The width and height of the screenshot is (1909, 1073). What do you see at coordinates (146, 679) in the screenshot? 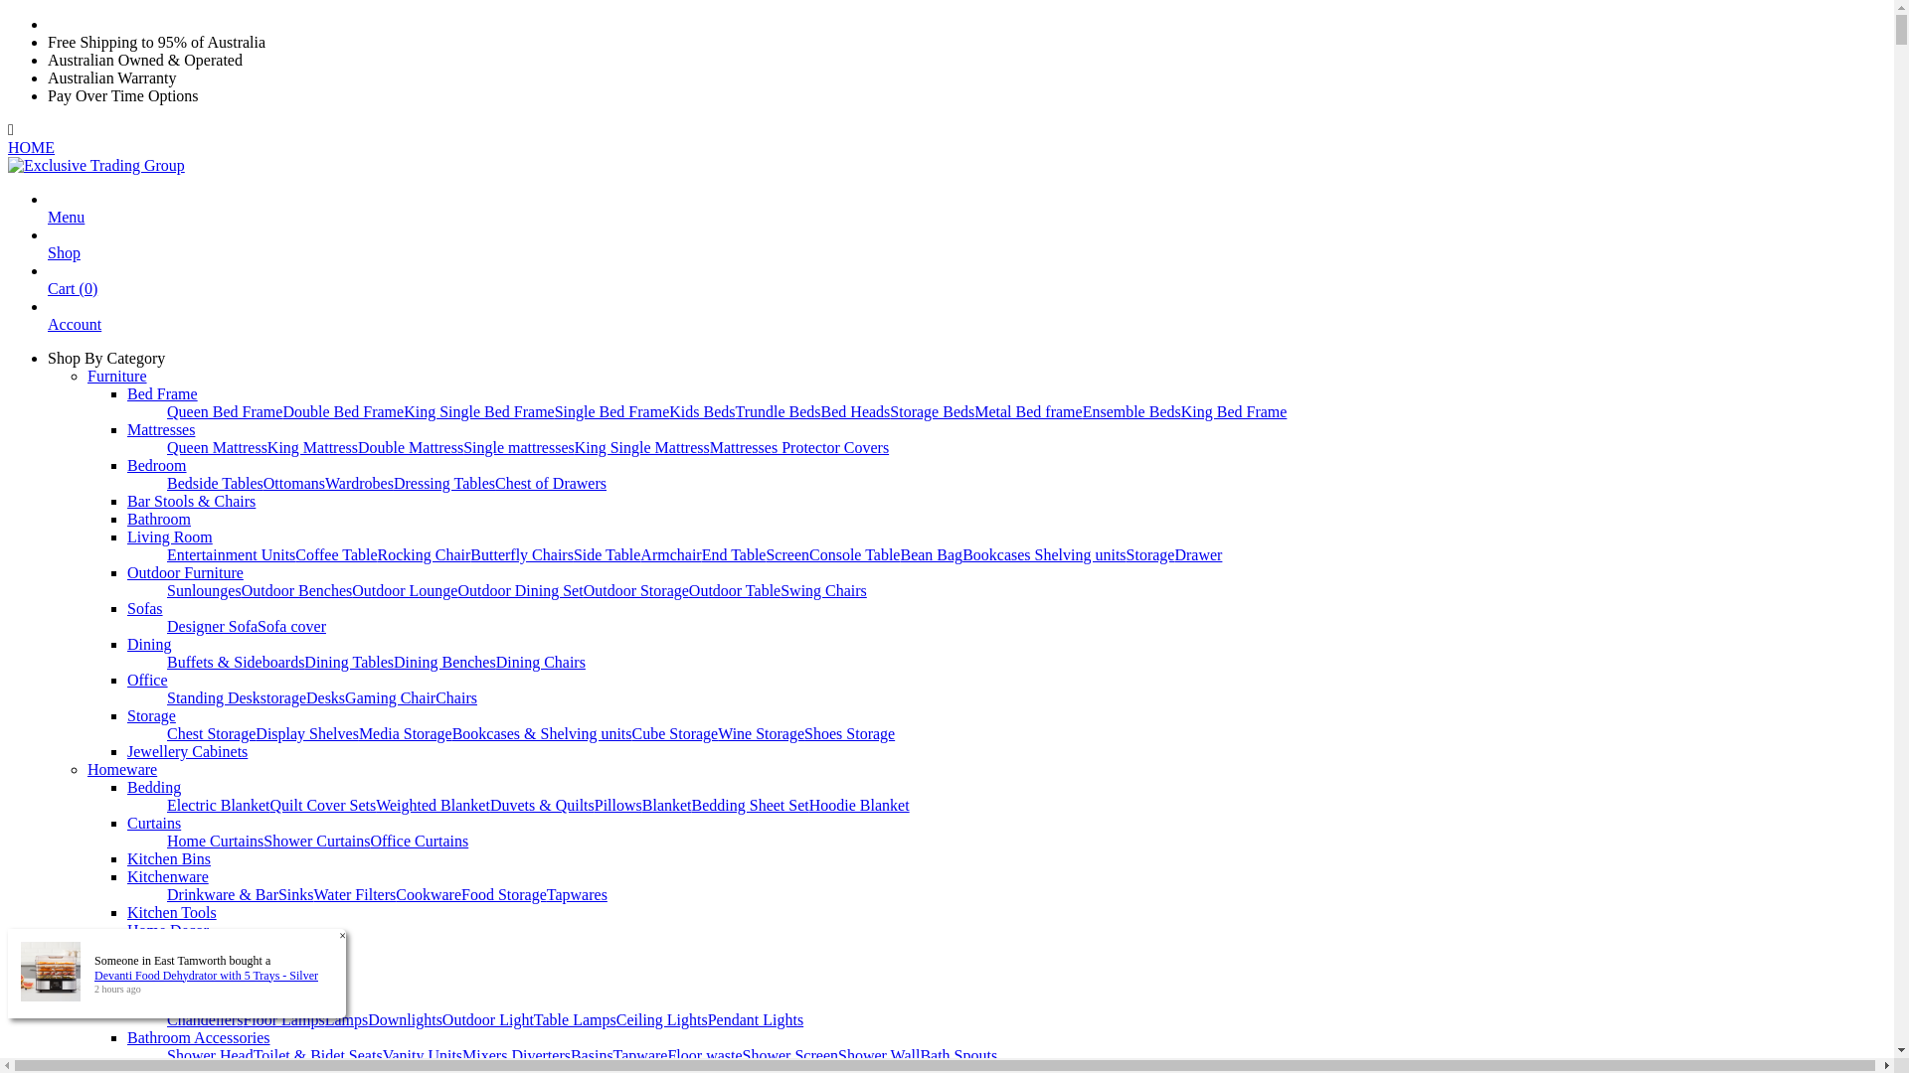
I see `'Office'` at bounding box center [146, 679].